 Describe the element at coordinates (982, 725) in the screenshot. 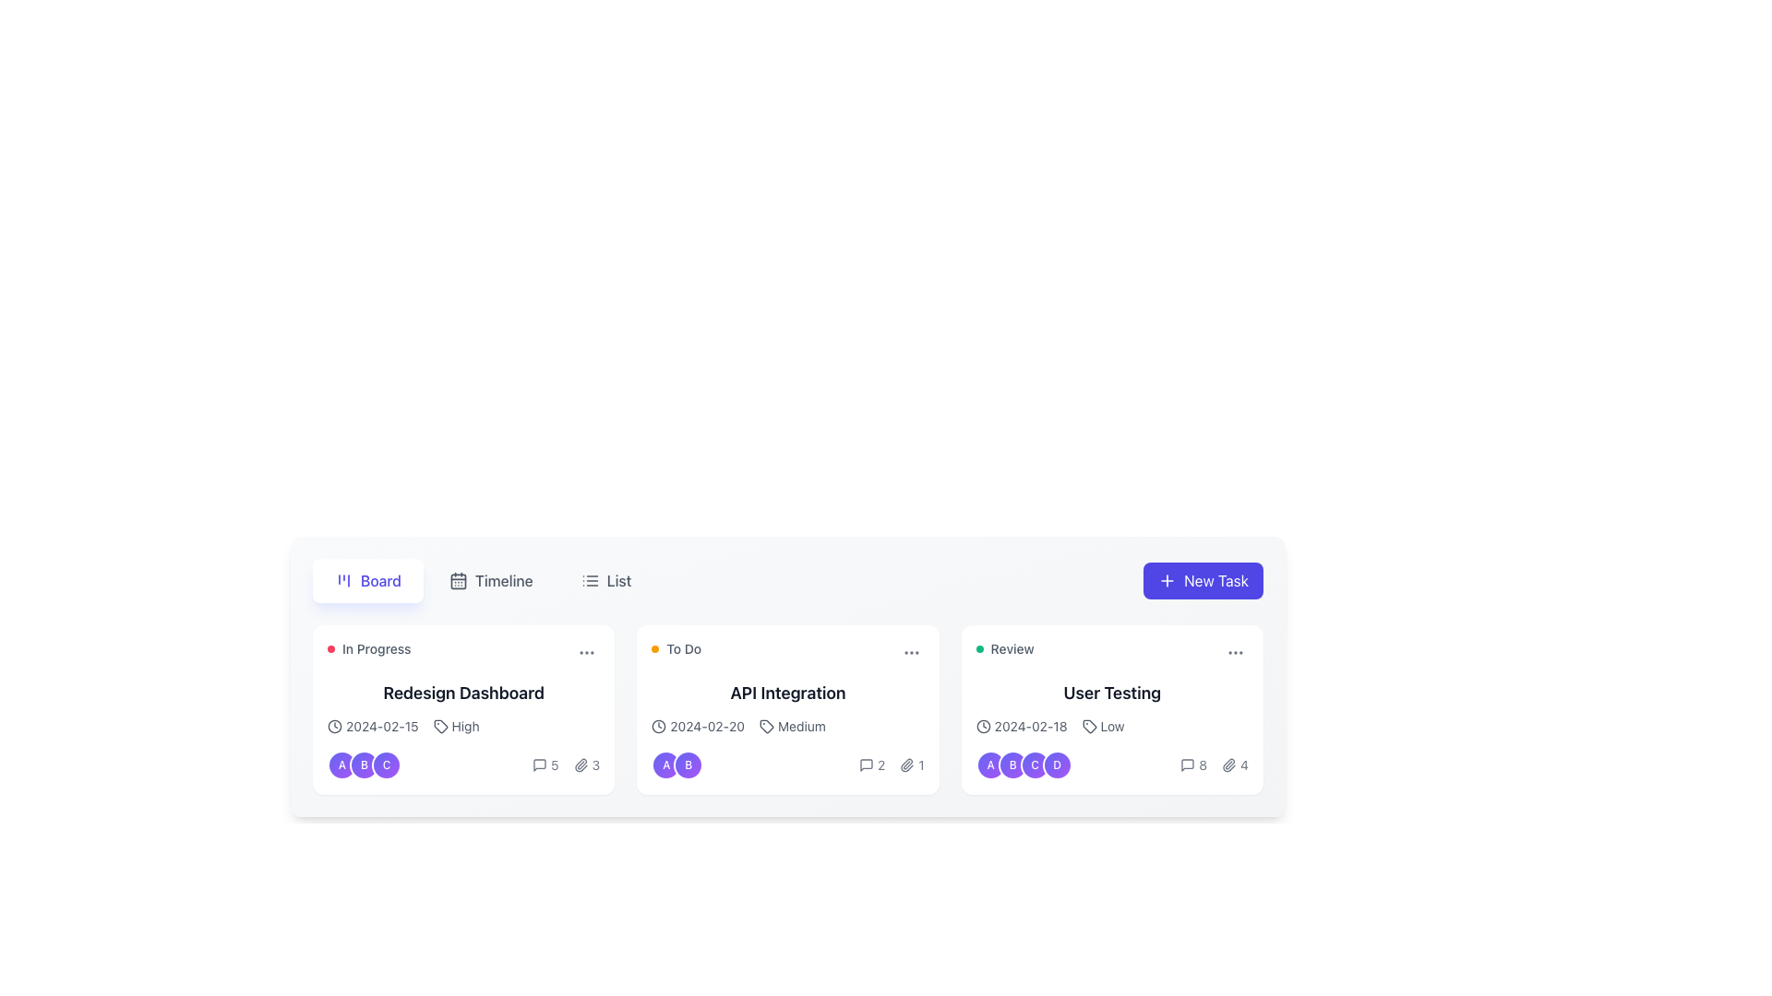

I see `the central circle of the clock icon located adjacent to the 'User Testing' text in the 'Review' block on the task board interface` at that location.